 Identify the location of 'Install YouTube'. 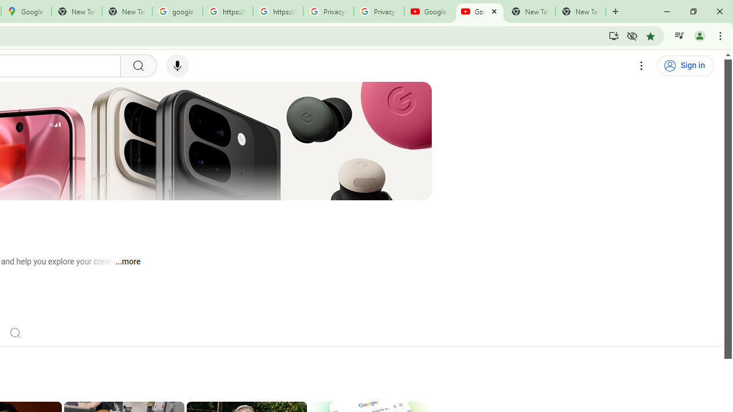
(613, 35).